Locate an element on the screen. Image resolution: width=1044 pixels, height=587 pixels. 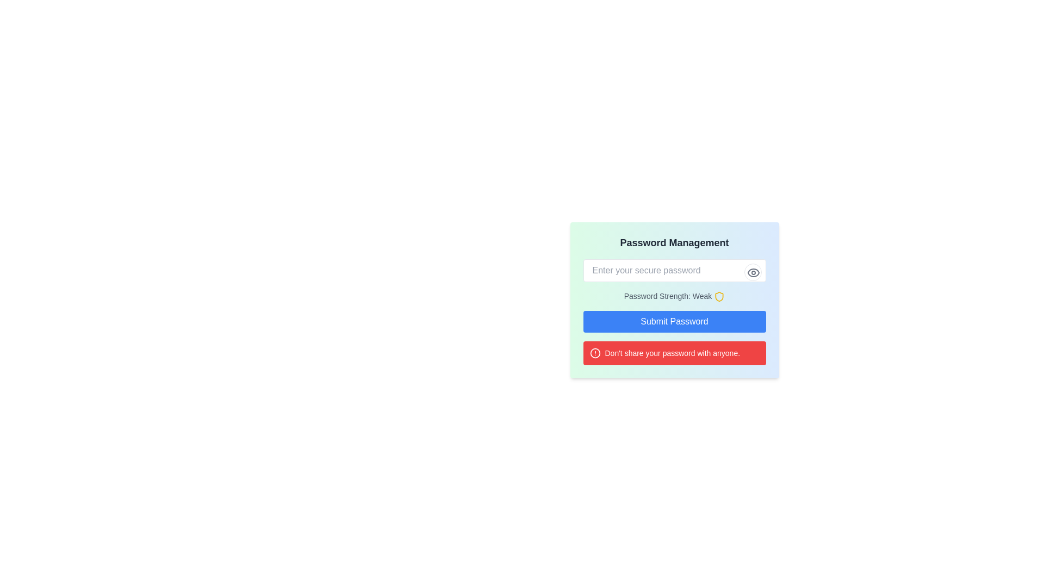
the SVG graphic icon representing the password strength, which is visually indicating 'Weak' strength, located to the left of the 'Password Strength: Weak' text label is located at coordinates (719, 297).